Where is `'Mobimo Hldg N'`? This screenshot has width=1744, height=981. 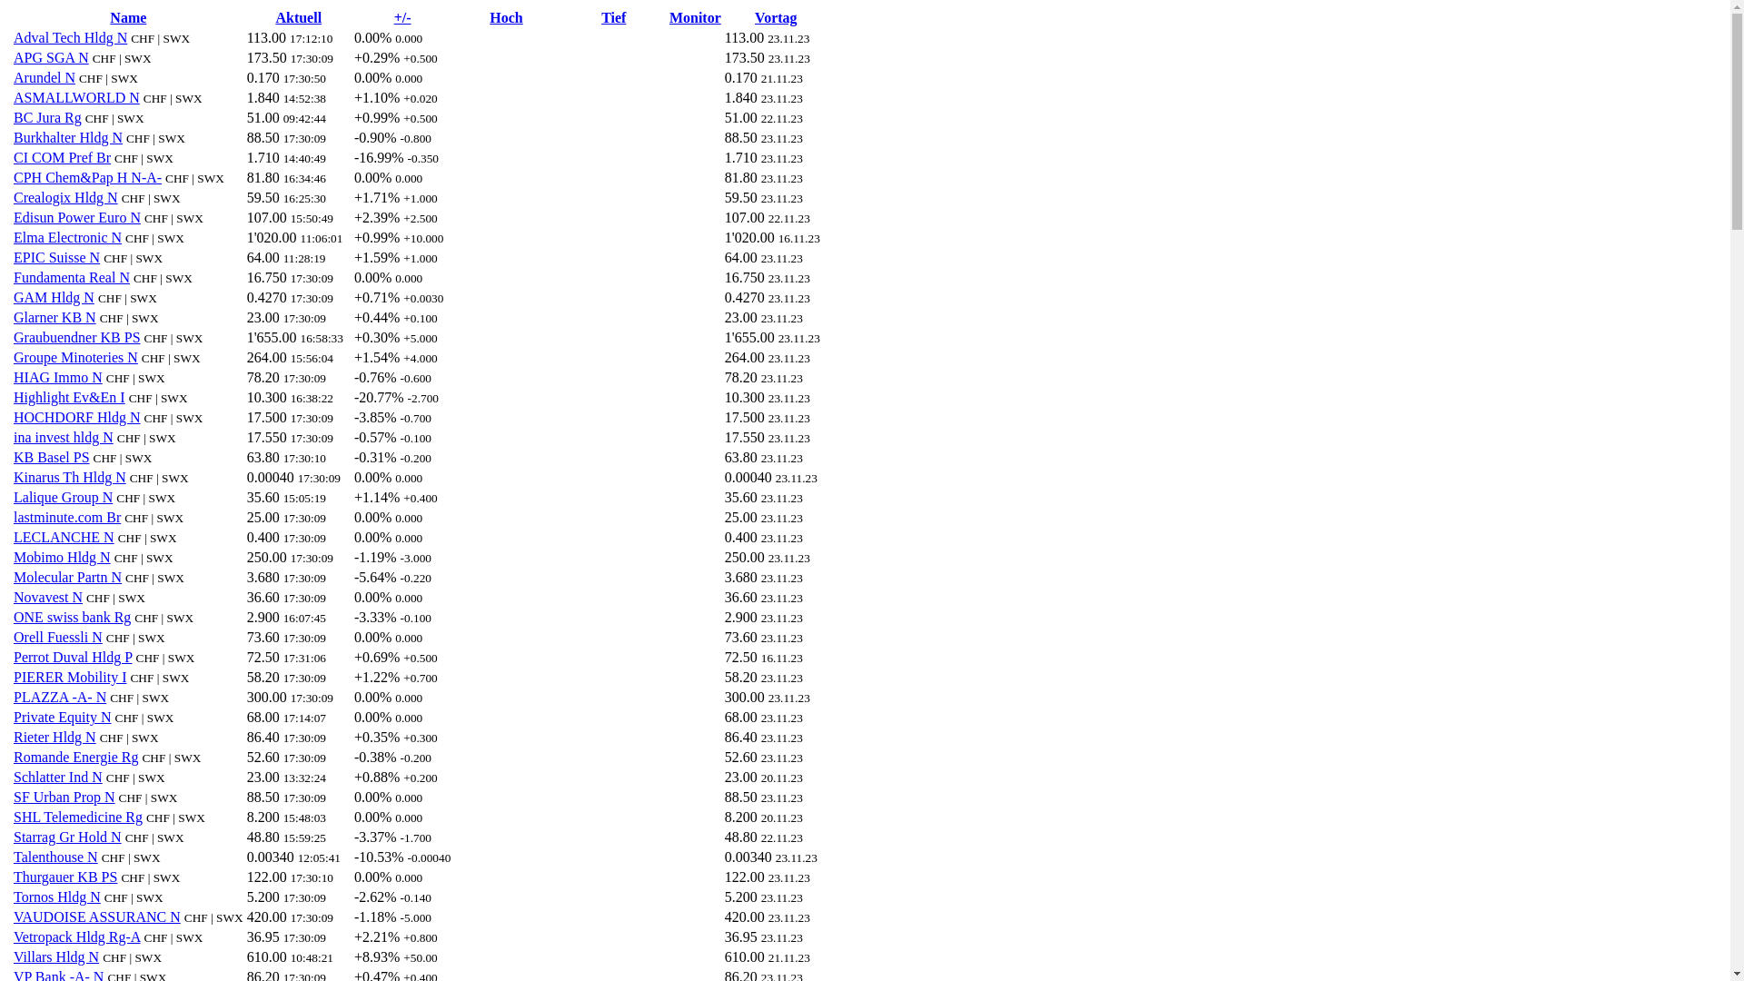
'Mobimo Hldg N' is located at coordinates (62, 556).